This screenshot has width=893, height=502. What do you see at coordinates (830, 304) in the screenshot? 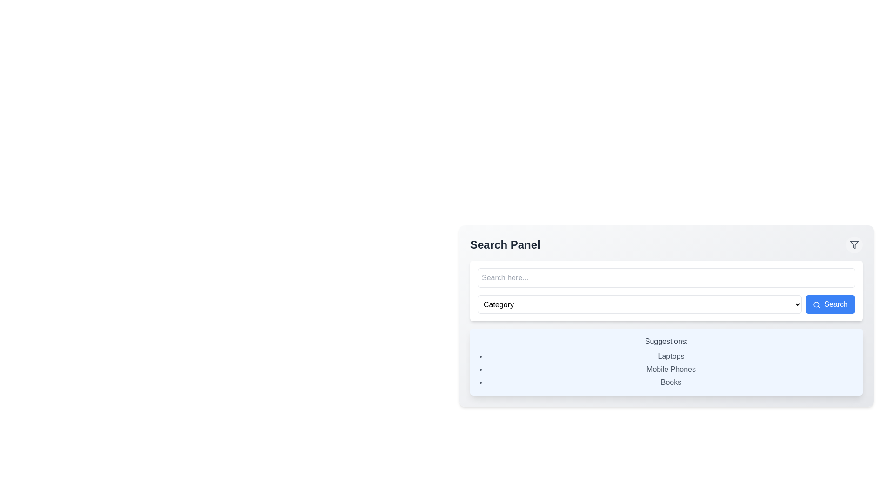
I see `the search button located at the far-right of the control group to change its appearance` at bounding box center [830, 304].